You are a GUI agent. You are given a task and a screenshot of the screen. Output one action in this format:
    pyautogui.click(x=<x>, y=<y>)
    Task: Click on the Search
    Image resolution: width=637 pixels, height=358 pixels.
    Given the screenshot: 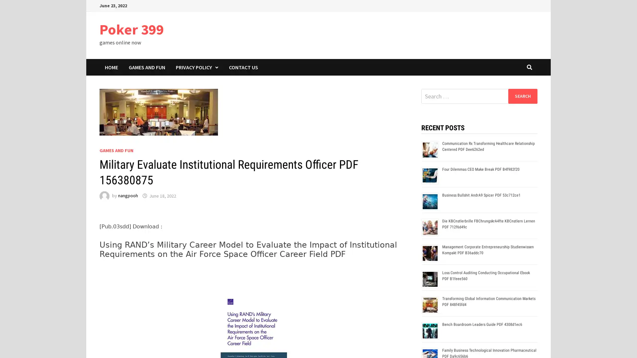 What is the action you would take?
    pyautogui.click(x=522, y=96)
    